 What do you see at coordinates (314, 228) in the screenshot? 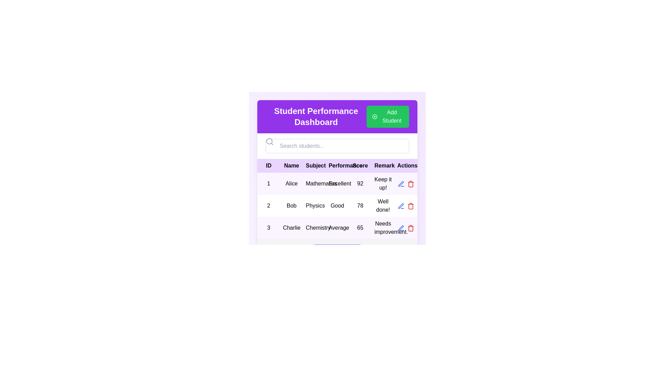
I see `the static text element displaying 'Chemistry' in black color, which is part of the third row in a table under the 'Subject' column` at bounding box center [314, 228].